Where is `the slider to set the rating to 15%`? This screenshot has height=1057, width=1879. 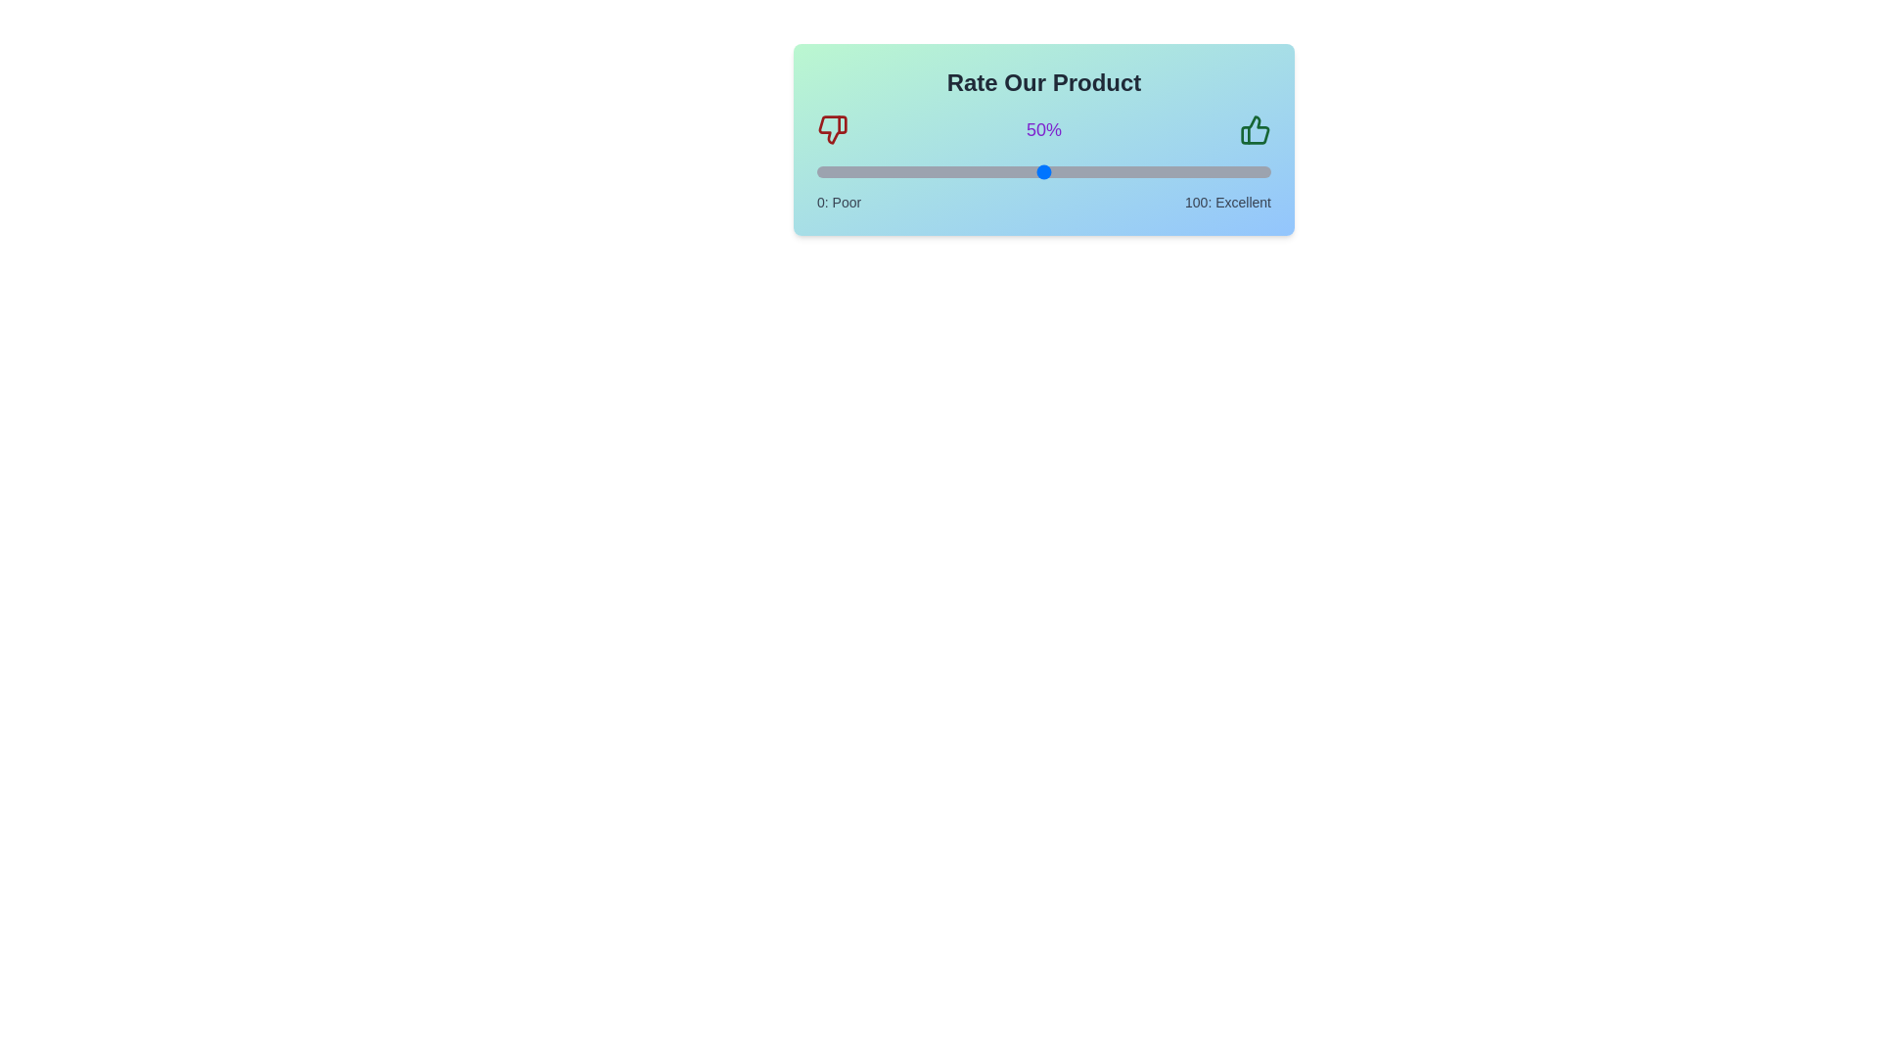 the slider to set the rating to 15% is located at coordinates (884, 171).